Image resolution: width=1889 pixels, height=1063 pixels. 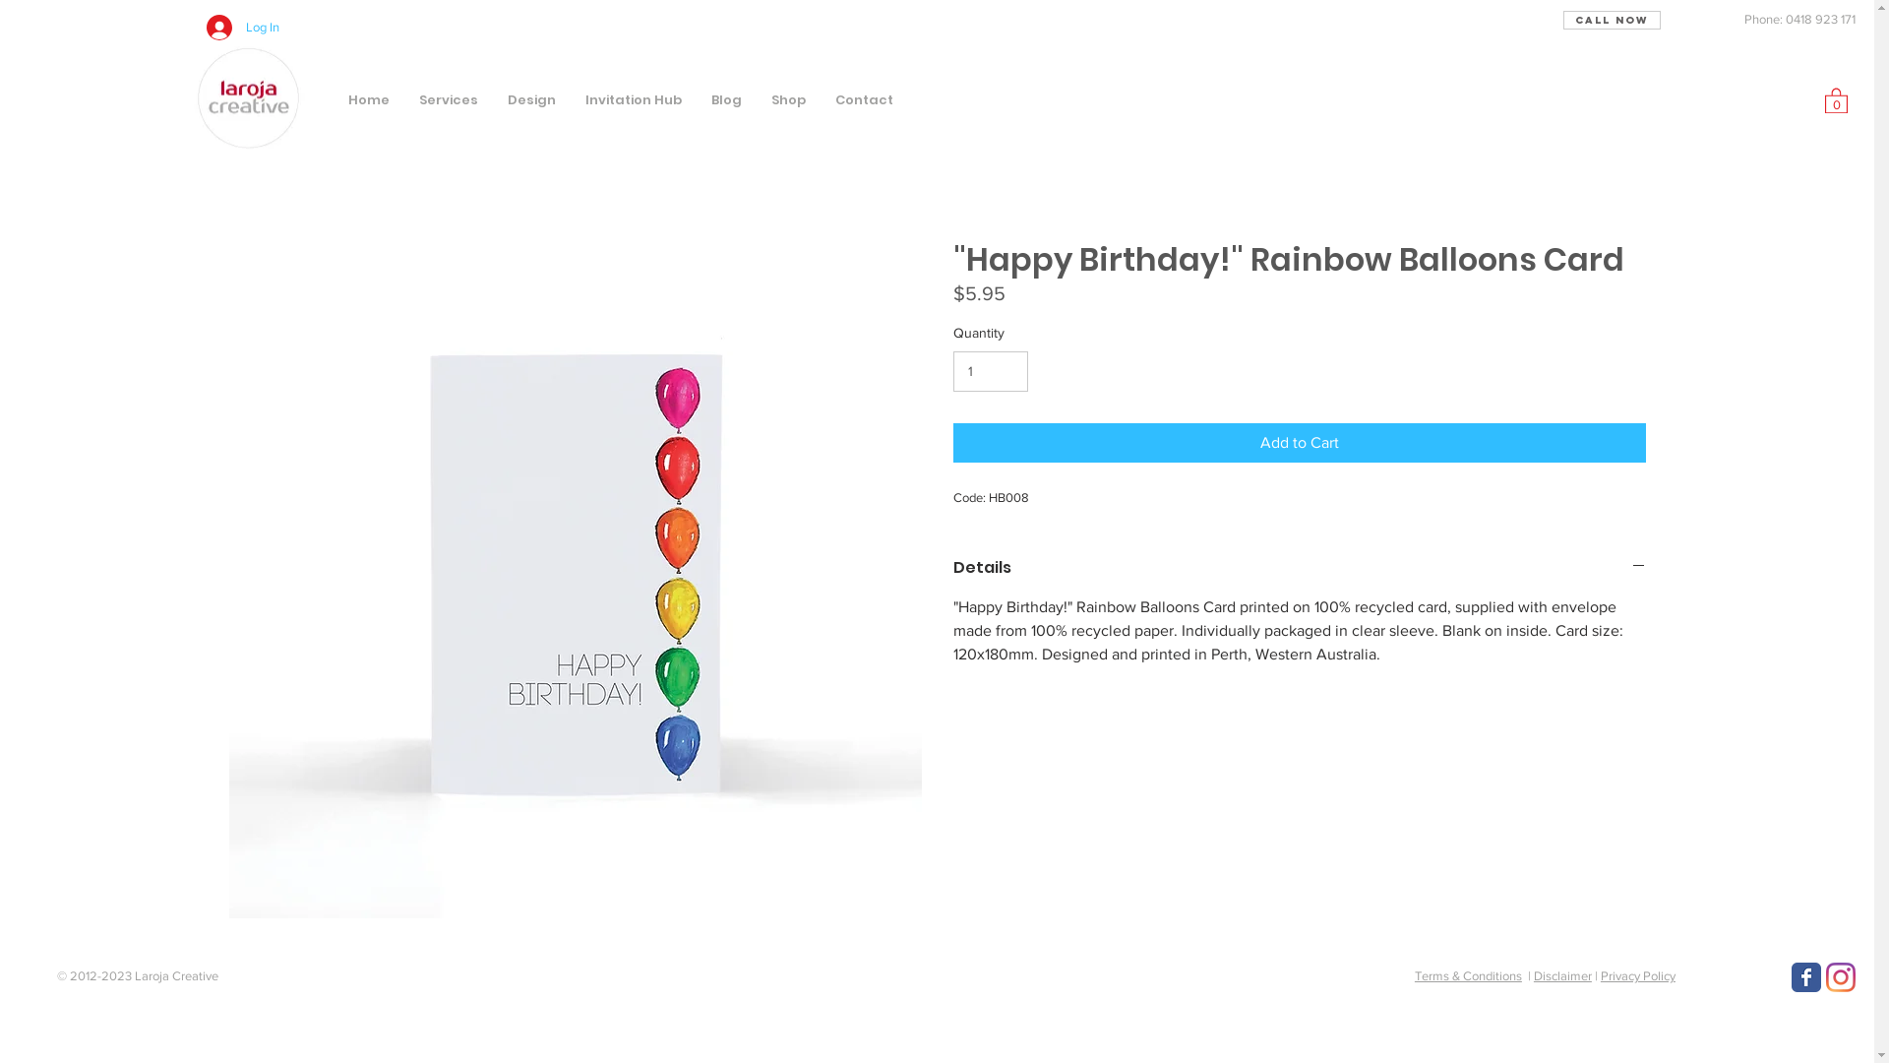 What do you see at coordinates (1638, 975) in the screenshot?
I see `'Privacy Policy'` at bounding box center [1638, 975].